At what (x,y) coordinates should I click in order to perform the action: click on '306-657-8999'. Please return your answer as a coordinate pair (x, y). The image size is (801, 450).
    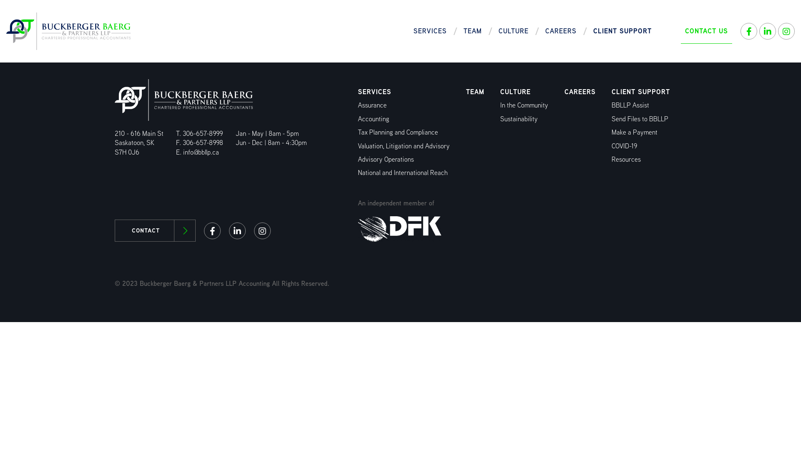
    Looking at the image, I should click on (202, 133).